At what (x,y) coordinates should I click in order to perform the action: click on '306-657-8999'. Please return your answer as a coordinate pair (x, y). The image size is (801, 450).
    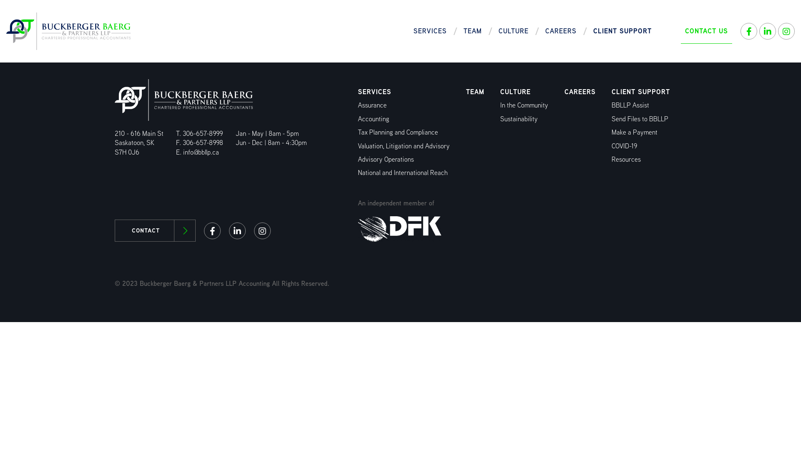
    Looking at the image, I should click on (202, 133).